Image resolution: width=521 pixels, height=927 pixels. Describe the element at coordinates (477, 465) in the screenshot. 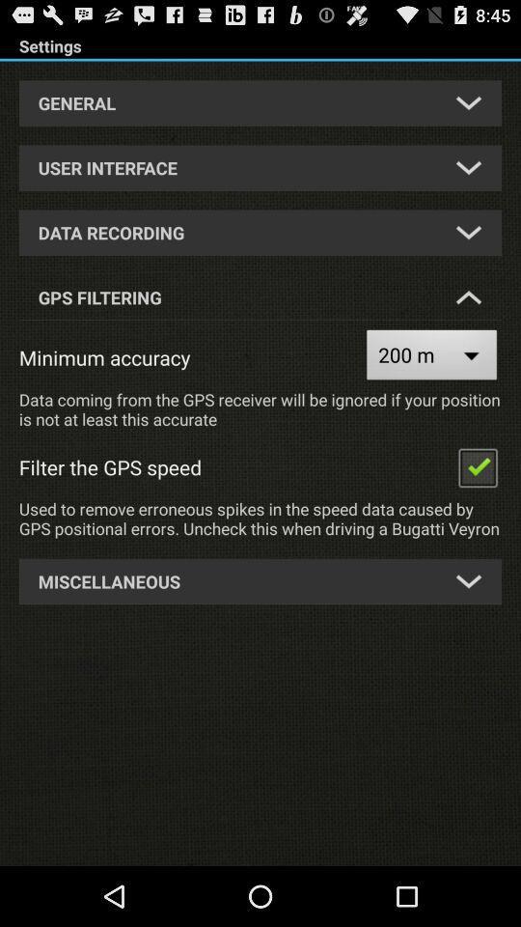

I see `filter the gps speed` at that location.